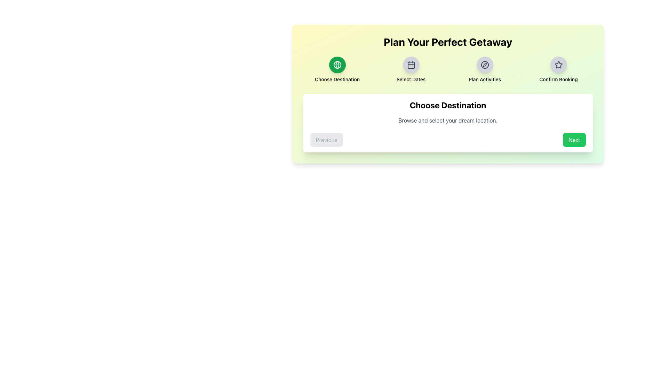 This screenshot has width=668, height=375. What do you see at coordinates (411, 69) in the screenshot?
I see `the circular Section Button with a calendar symbol inside it, located beneath the 'Select Dates' caption, situated between the 'Choose Destination' and 'Plan Activities' sections` at bounding box center [411, 69].